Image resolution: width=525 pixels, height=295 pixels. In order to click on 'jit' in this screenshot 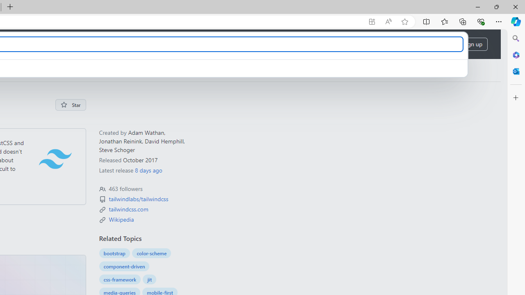, I will do `click(149, 279)`.